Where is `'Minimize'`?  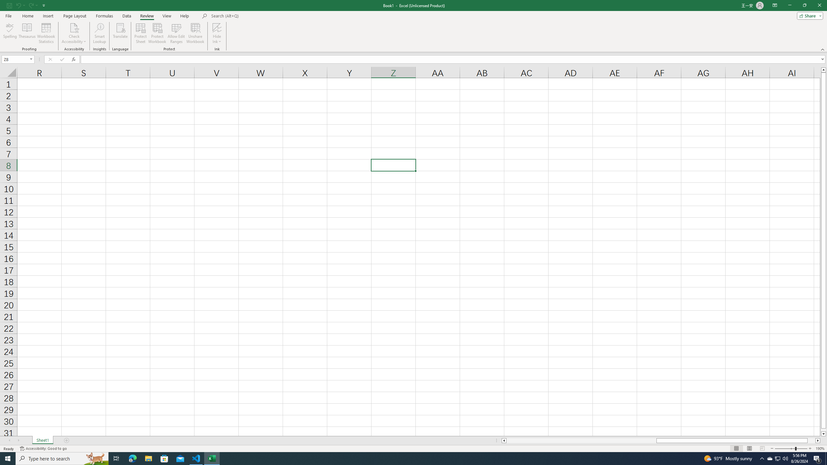 'Minimize' is located at coordinates (789, 5).